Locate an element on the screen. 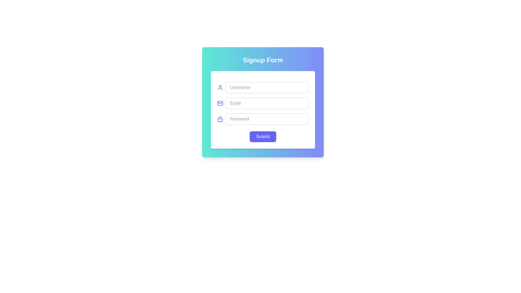  the icon that indicates the purpose of the adjacent email input field within the signup form is located at coordinates (220, 103).